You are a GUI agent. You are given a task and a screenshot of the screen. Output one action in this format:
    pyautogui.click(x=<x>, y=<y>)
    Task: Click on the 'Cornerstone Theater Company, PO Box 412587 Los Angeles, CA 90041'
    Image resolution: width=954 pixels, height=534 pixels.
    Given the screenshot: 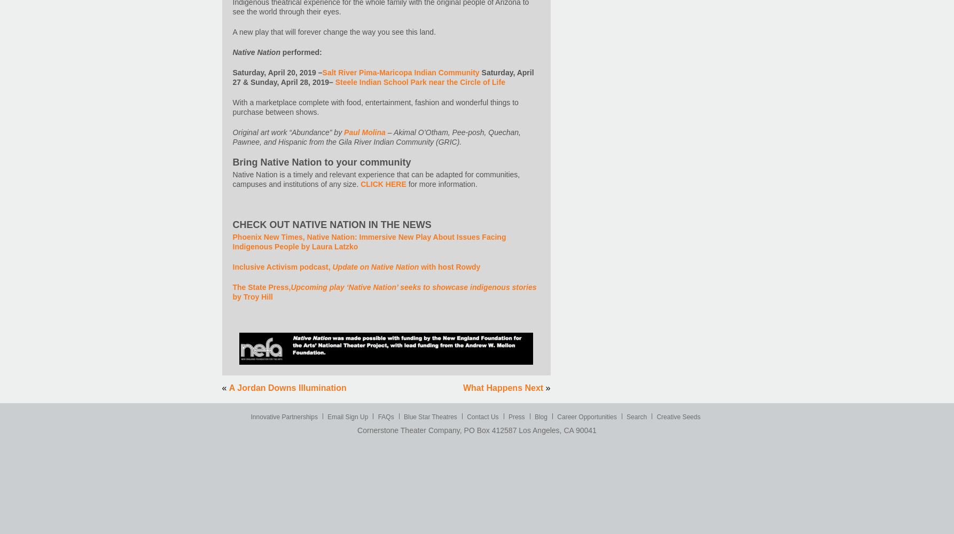 What is the action you would take?
    pyautogui.click(x=476, y=430)
    